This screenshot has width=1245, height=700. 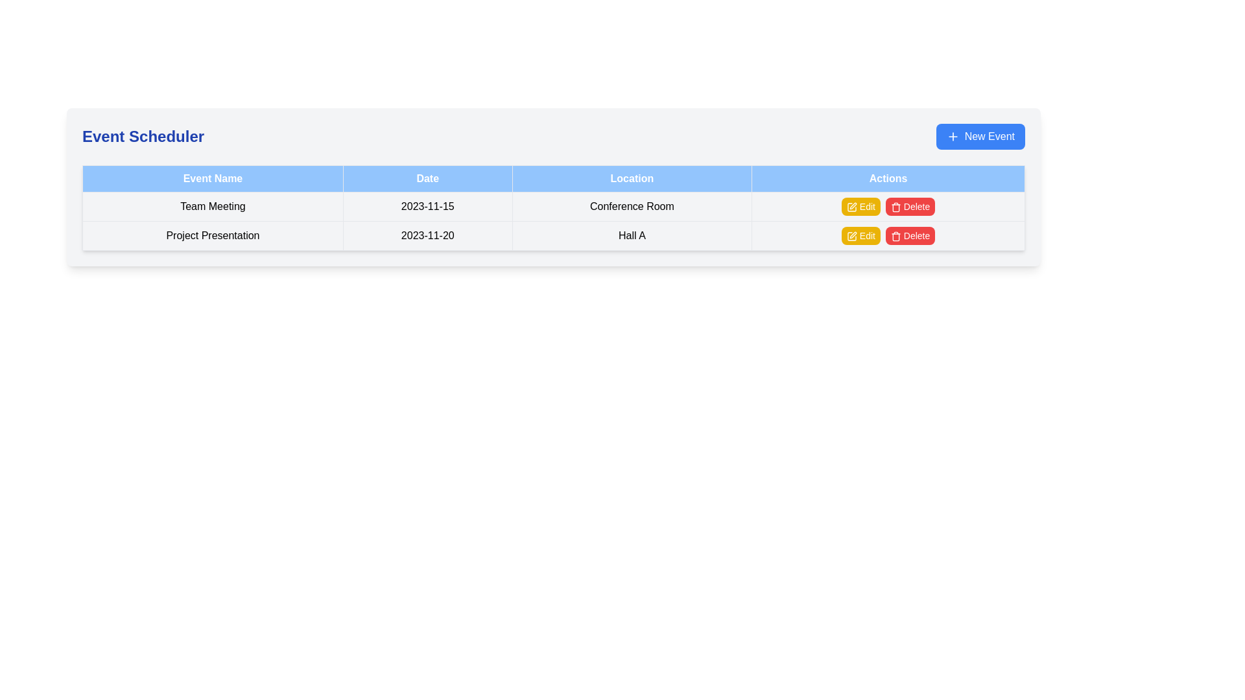 What do you see at coordinates (860, 235) in the screenshot?
I see `the leftmost button in the 'Actions' column of the second row in the table to initiate editing` at bounding box center [860, 235].